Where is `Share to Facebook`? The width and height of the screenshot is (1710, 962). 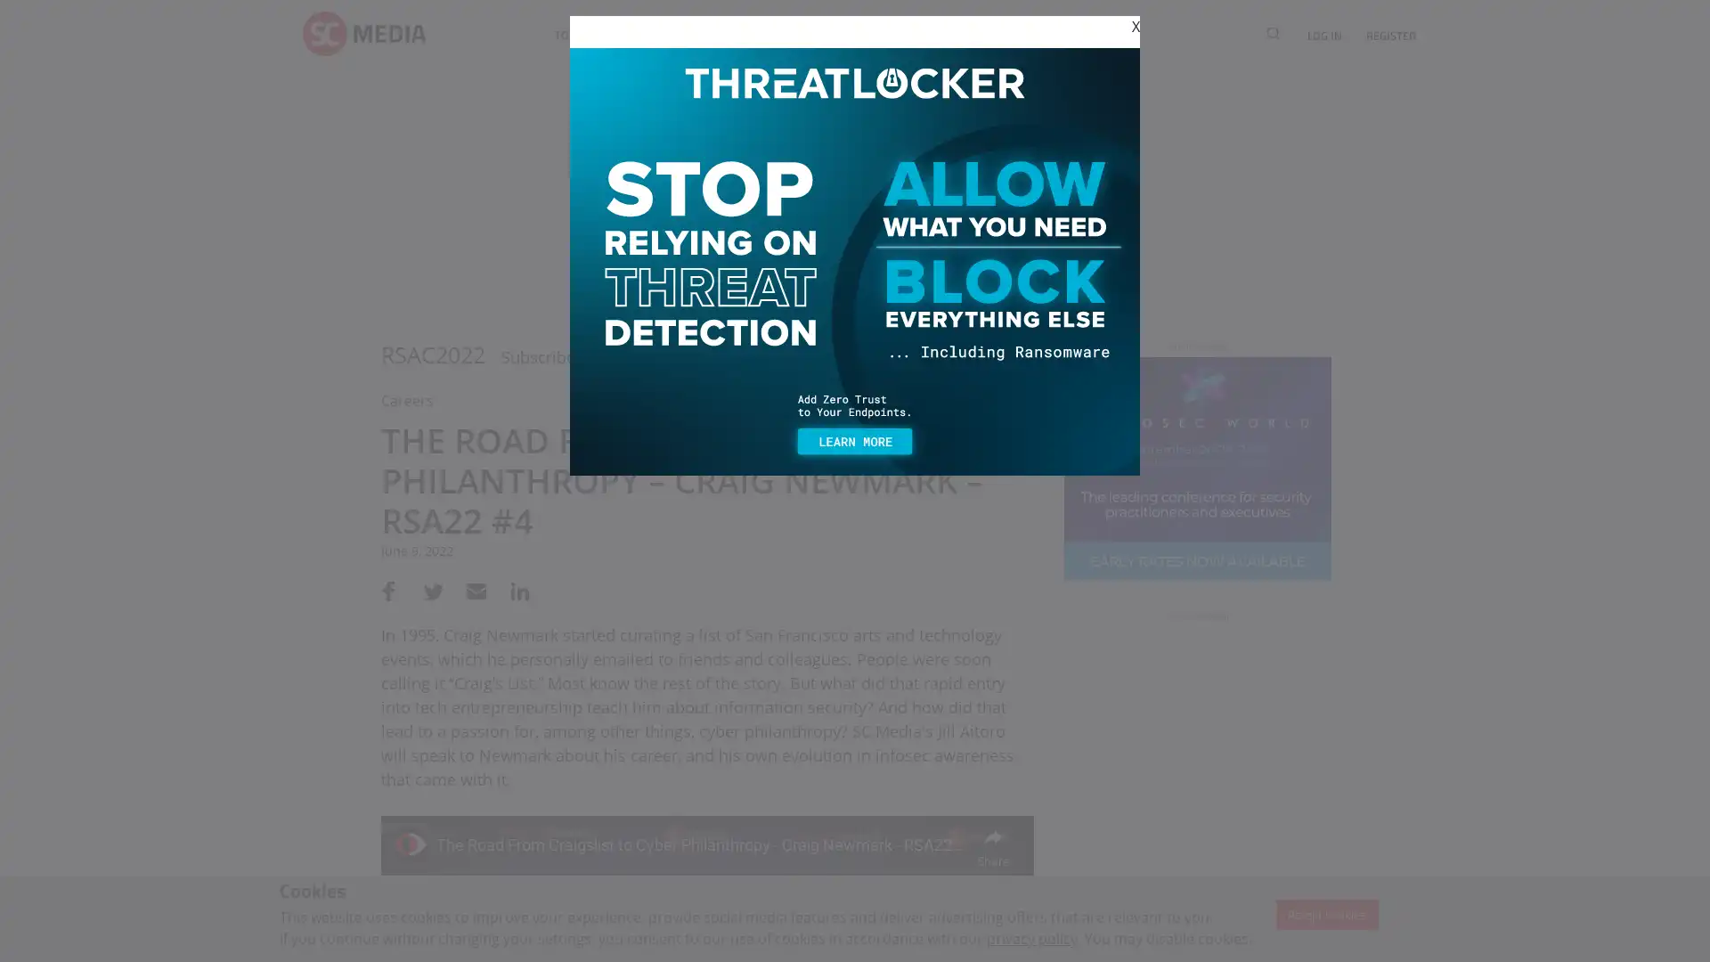
Share to Facebook is located at coordinates (387, 591).